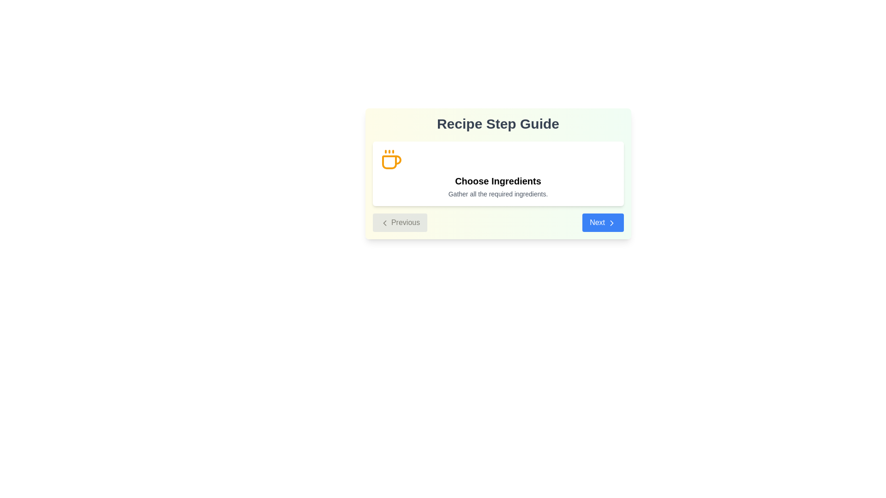 The image size is (886, 498). Describe the element at coordinates (384, 223) in the screenshot. I see `the left-oriented chevron icon of the 'Previous' button, which serves as a visual cue for backward navigation` at that location.